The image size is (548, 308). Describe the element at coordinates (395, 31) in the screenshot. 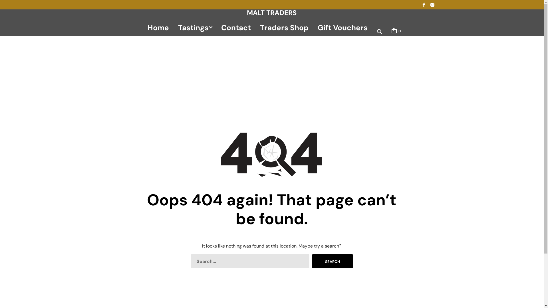

I see `'0'` at that location.